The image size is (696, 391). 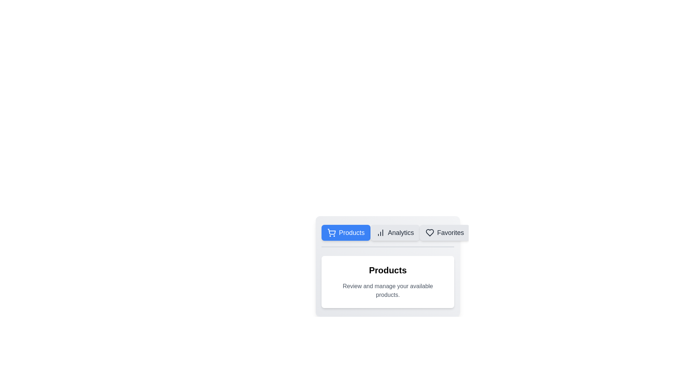 I want to click on the 'Products' text label, which is styled in white font on a blue background and is part of a button-like design with rounded corners, located at the top left of a content card, so click(x=352, y=233).